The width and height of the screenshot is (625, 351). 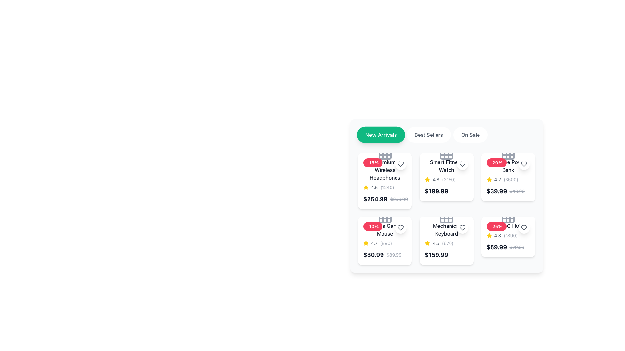 I want to click on the yellow star-shaped icon representing a rating or favorite element, located in the second item of the second row of product cards, so click(x=366, y=187).